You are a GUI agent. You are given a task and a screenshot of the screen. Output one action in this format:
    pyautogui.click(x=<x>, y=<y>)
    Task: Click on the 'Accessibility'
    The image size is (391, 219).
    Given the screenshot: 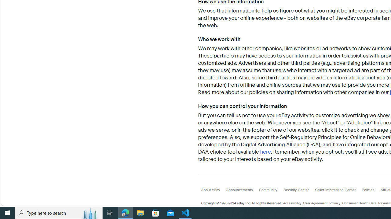 What is the action you would take?
    pyautogui.click(x=292, y=203)
    